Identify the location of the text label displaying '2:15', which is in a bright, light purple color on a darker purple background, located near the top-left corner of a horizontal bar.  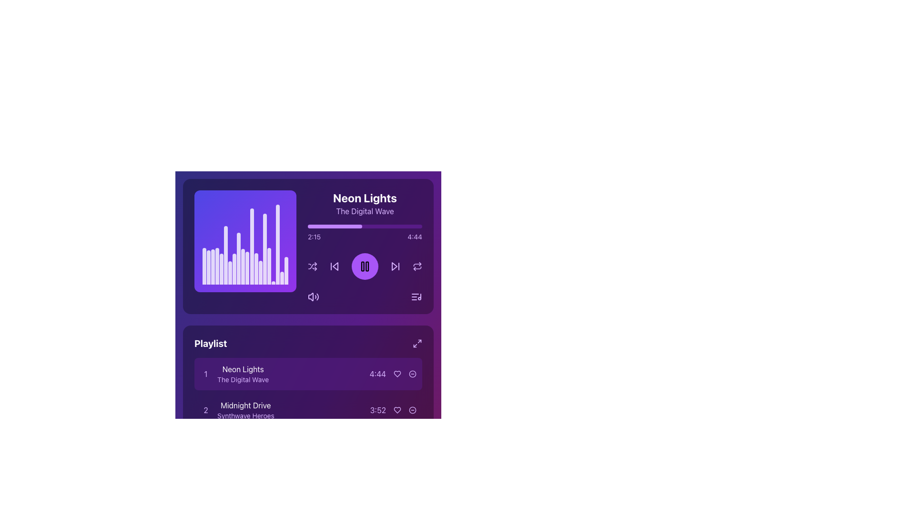
(314, 236).